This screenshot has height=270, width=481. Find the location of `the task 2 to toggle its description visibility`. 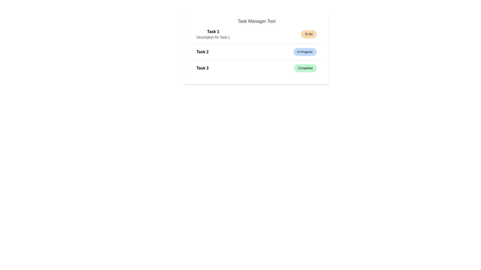

the task 2 to toggle its description visibility is located at coordinates (256, 52).